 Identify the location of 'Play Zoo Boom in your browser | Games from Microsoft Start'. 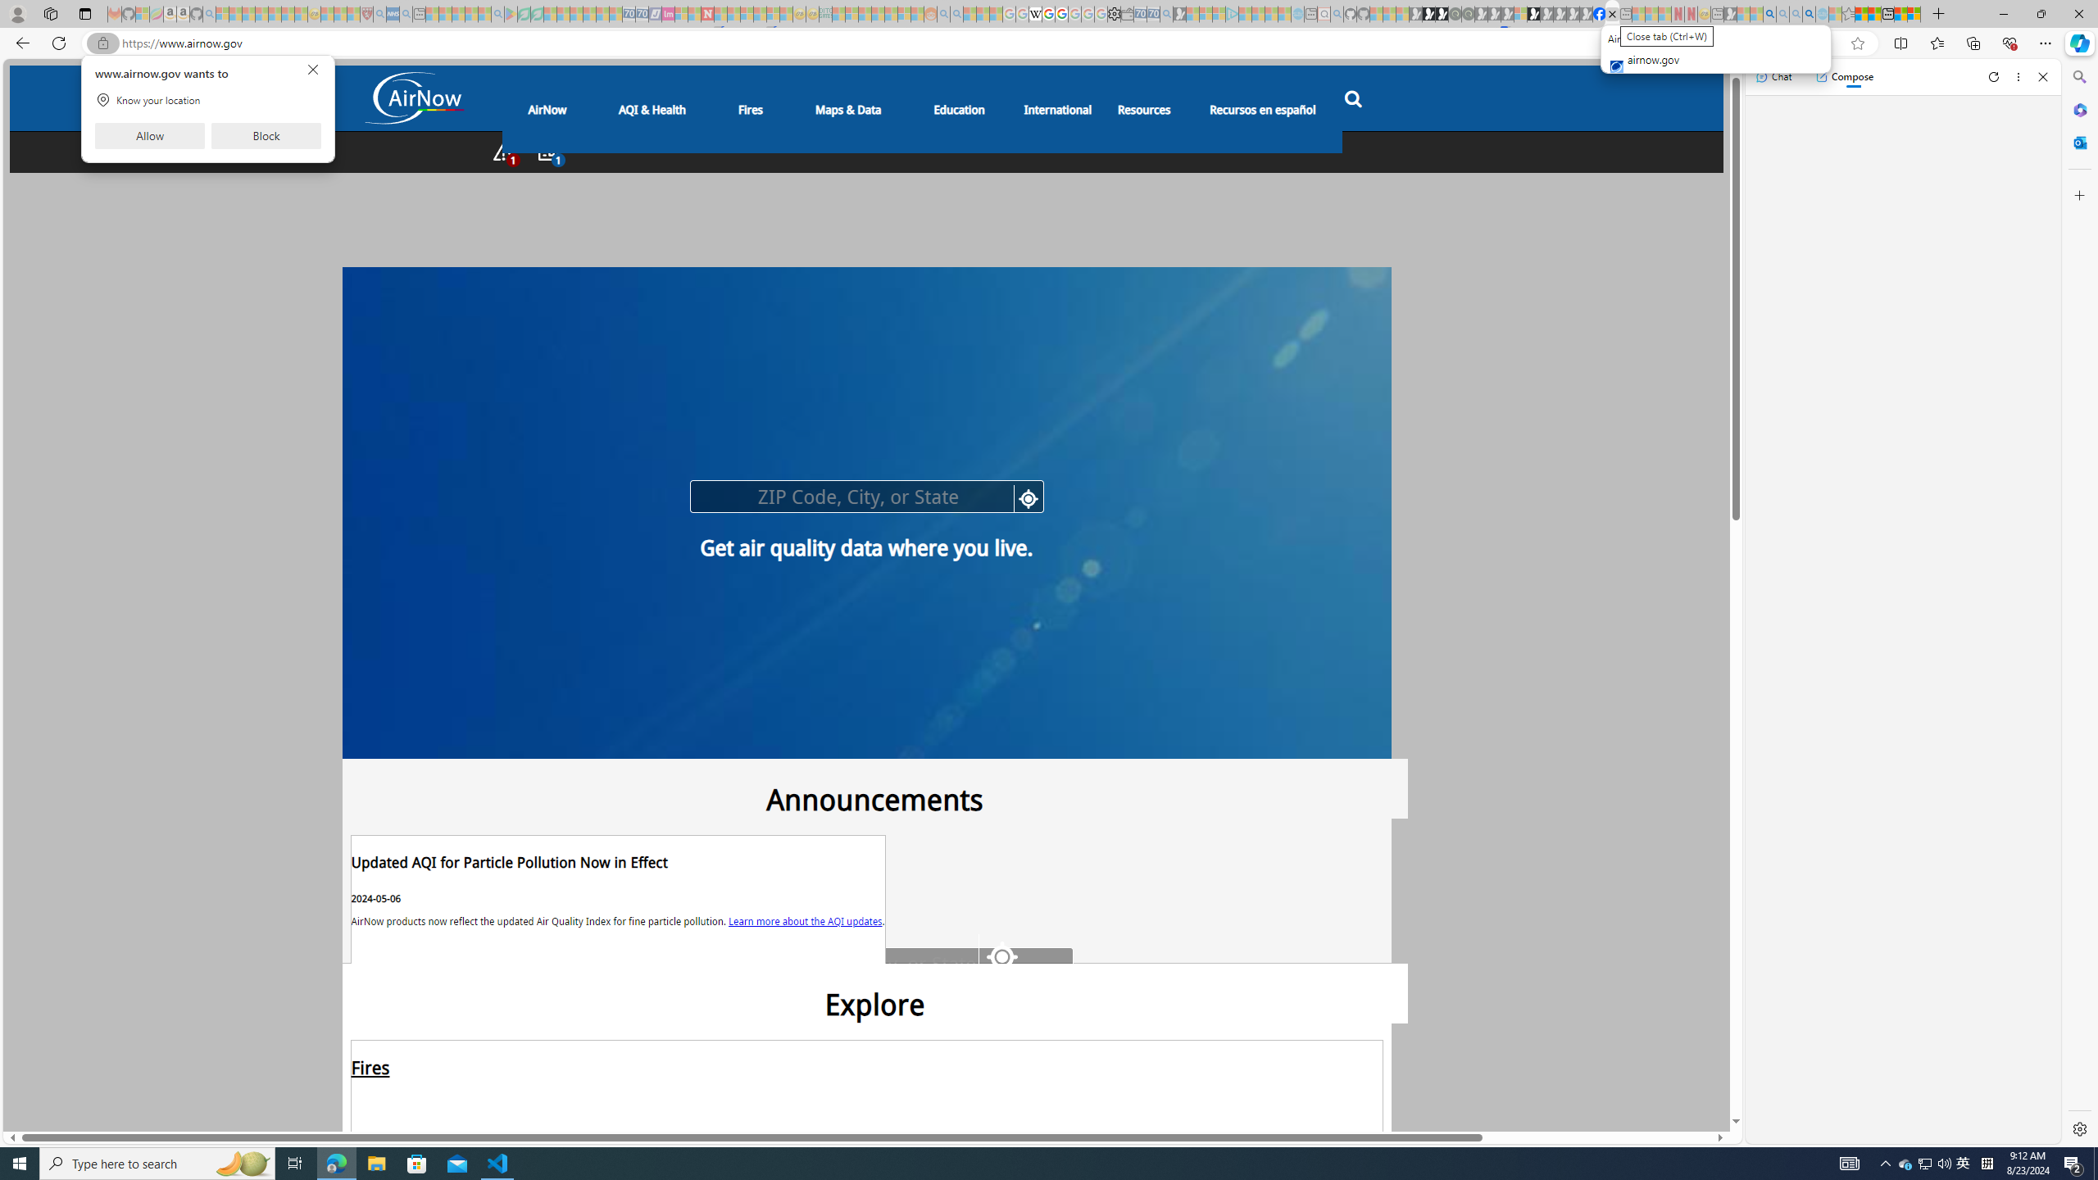
(1429, 13).